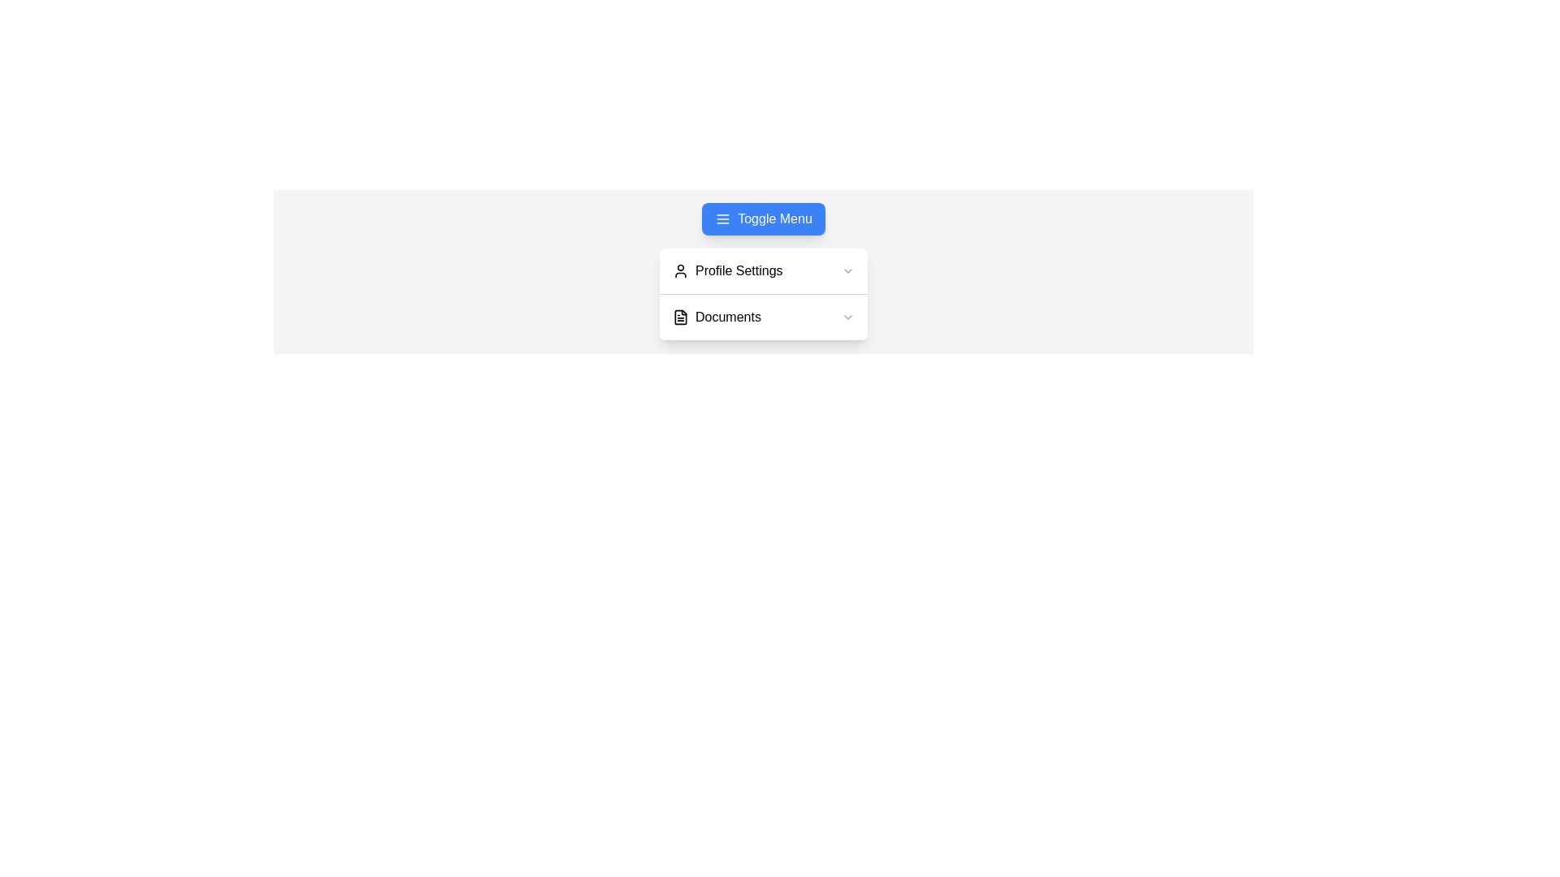 The height and width of the screenshot is (877, 1560). Describe the element at coordinates (763, 318) in the screenshot. I see `the Interactive menu item with a dropdown indicator` at that location.